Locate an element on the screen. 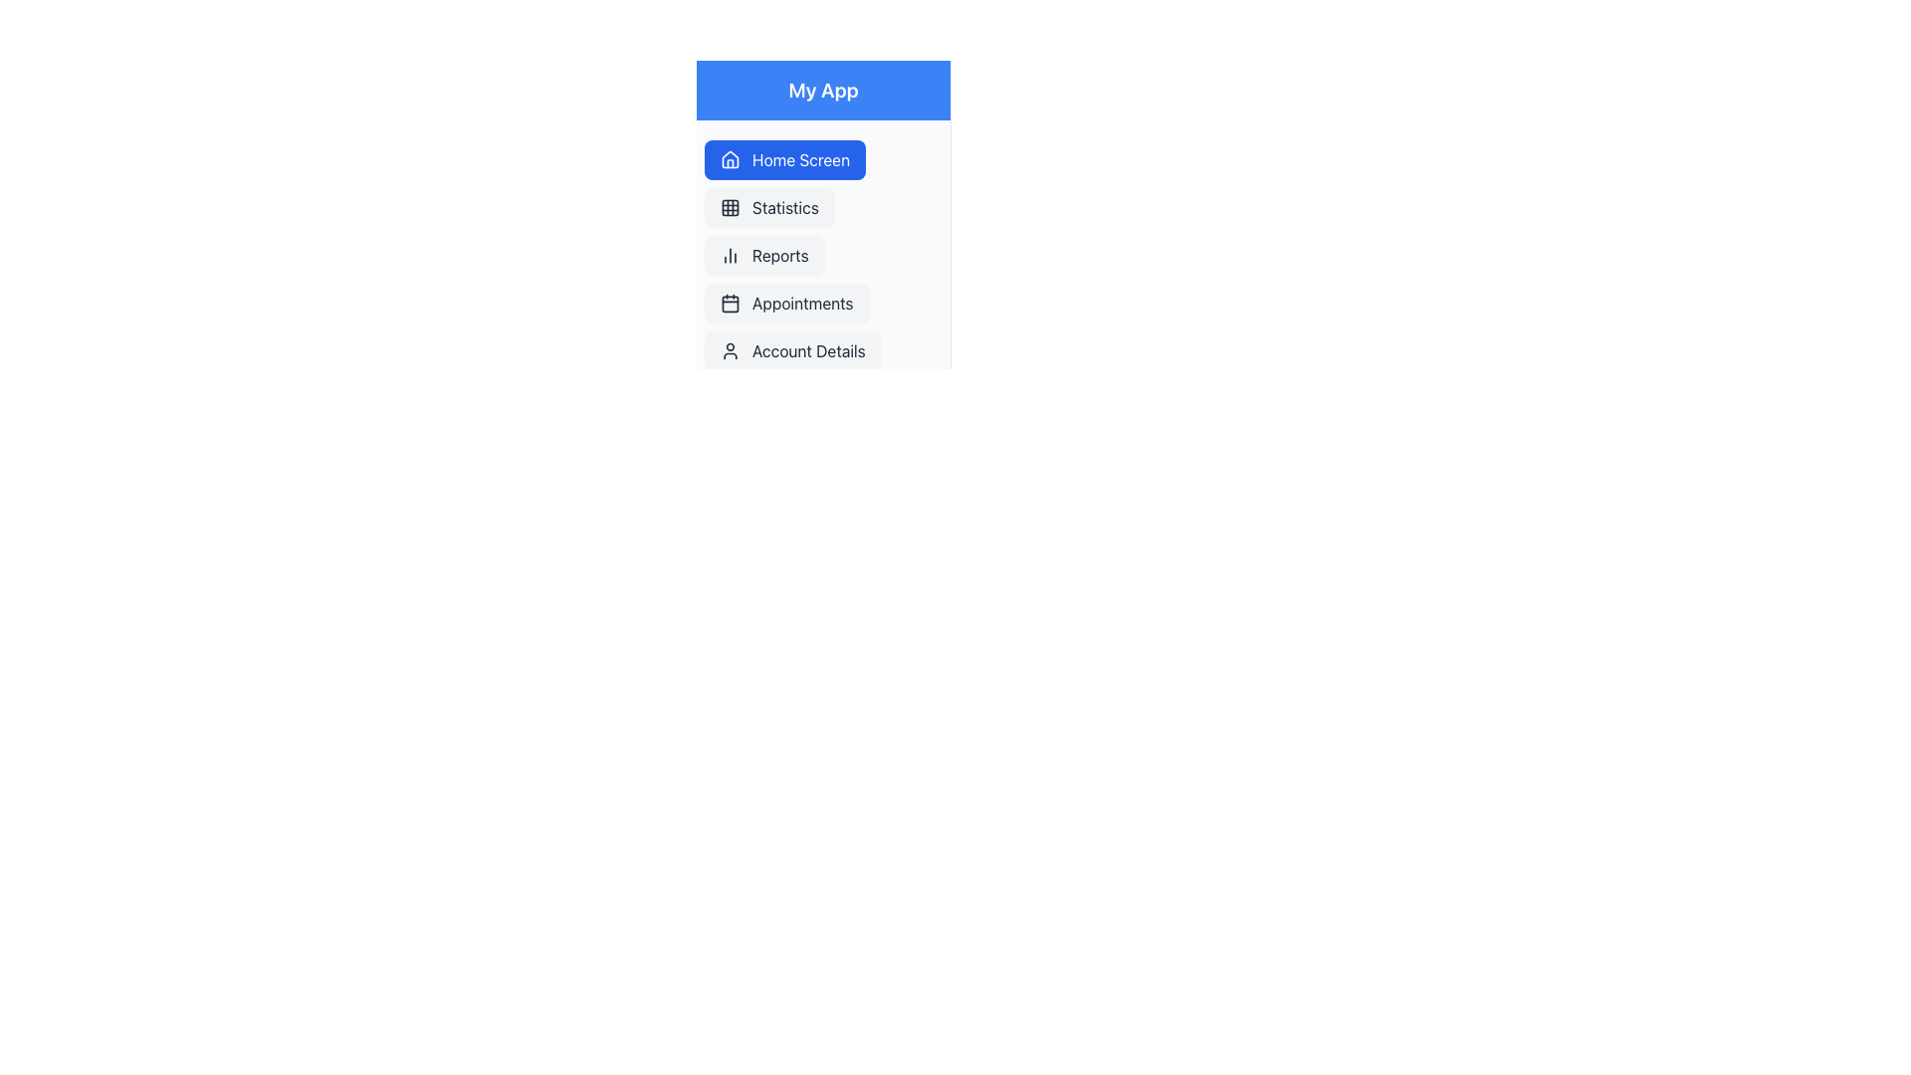 The width and height of the screenshot is (1911, 1075). the branding label for the application identified by the text 'My App', located at the top of the vertical menu layout is located at coordinates (823, 91).